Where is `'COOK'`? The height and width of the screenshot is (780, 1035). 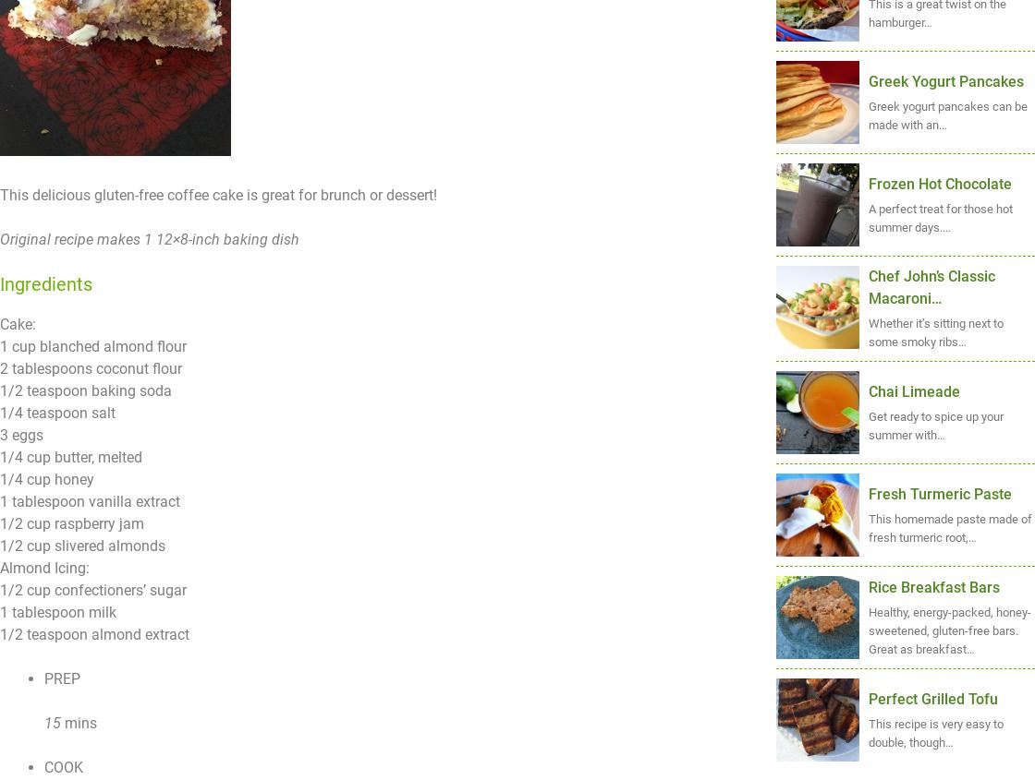 'COOK' is located at coordinates (44, 767).